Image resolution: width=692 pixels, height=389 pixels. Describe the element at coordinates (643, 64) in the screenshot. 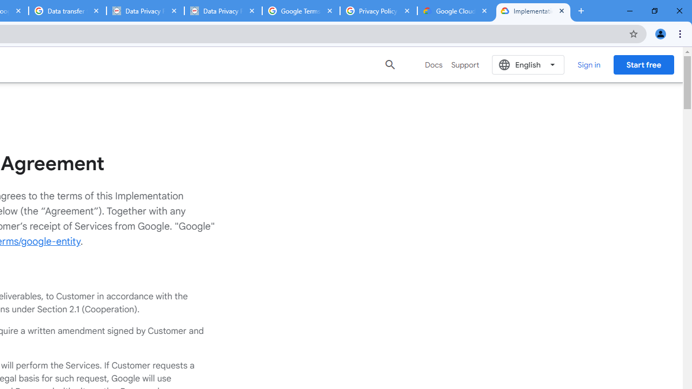

I see `'Start free'` at that location.